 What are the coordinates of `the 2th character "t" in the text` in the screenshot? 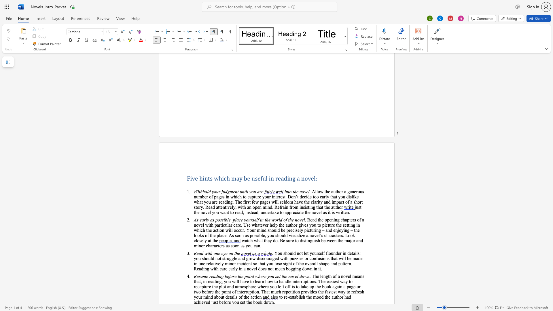 It's located at (238, 191).